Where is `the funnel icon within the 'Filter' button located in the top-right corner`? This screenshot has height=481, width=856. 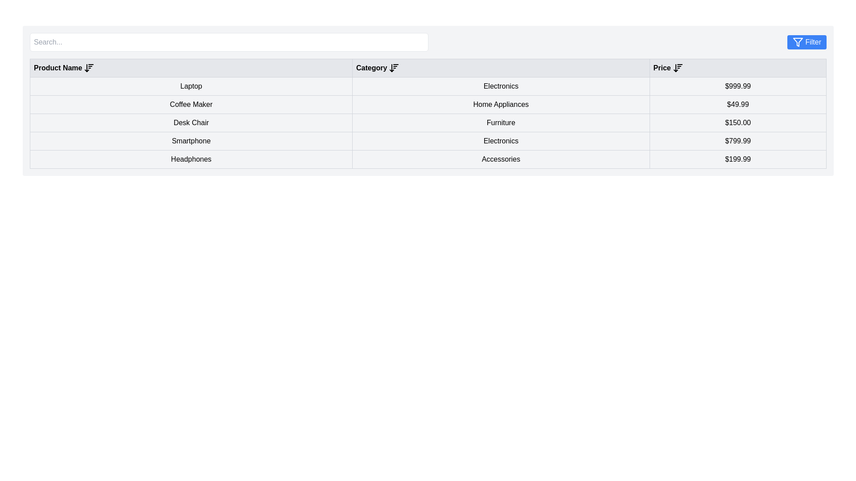
the funnel icon within the 'Filter' button located in the top-right corner is located at coordinates (798, 42).